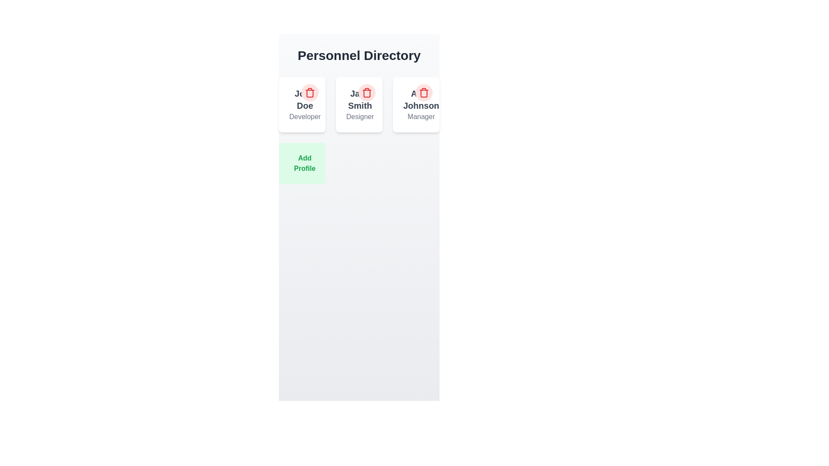 This screenshot has height=466, width=829. What do you see at coordinates (304, 163) in the screenshot?
I see `the Text Label that indicates the action for adding a new profile, positioned below the user cards in the card layout` at bounding box center [304, 163].